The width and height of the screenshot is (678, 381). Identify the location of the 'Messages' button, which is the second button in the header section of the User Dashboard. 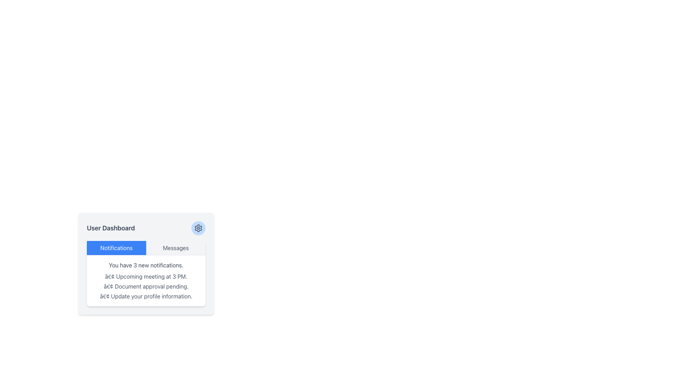
(176, 247).